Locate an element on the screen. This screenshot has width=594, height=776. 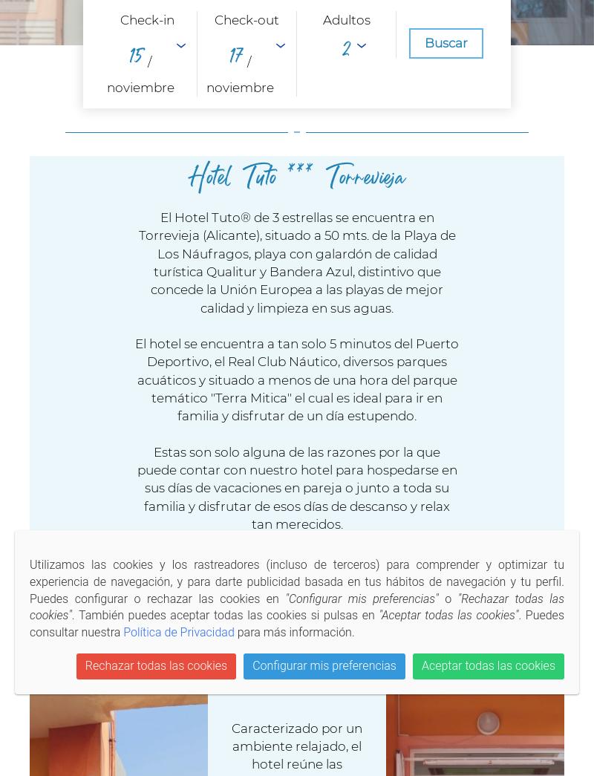
'Buscar' is located at coordinates (446, 41).